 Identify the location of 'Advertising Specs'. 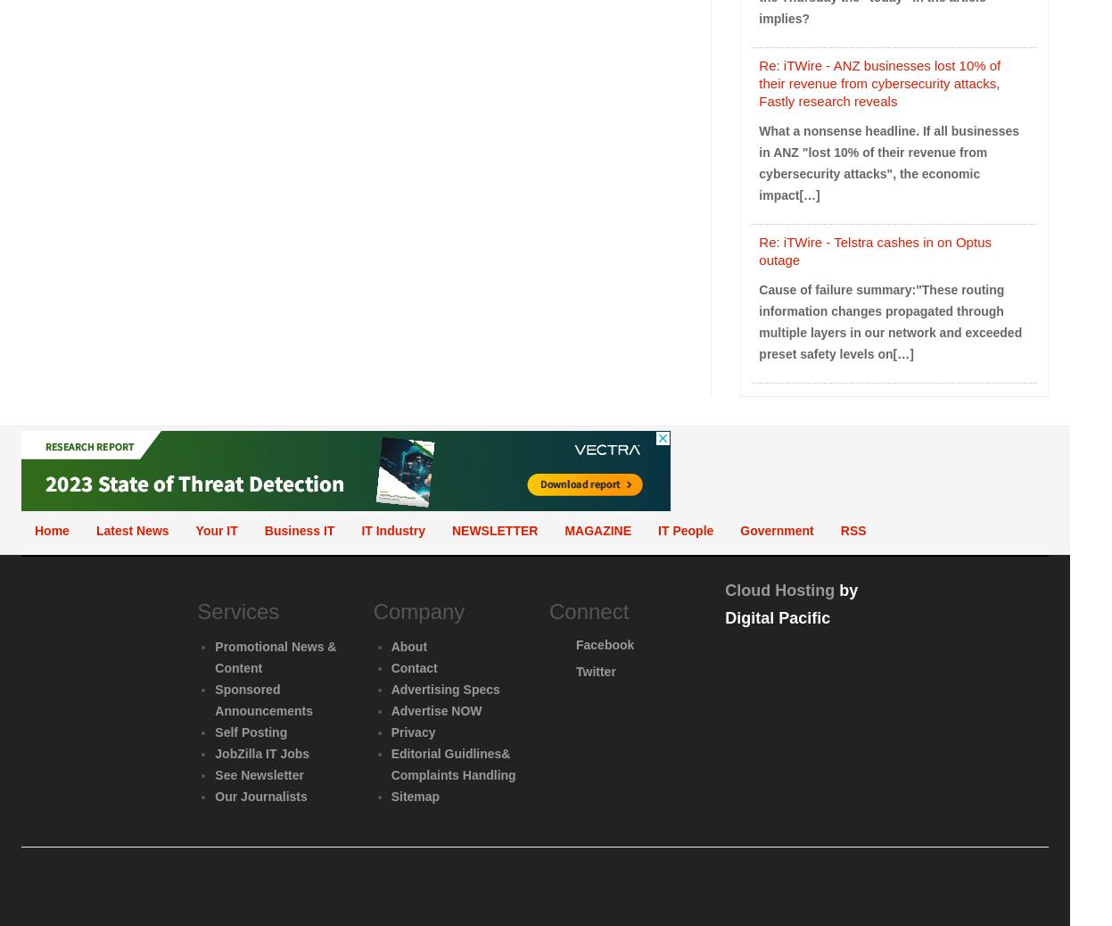
(389, 688).